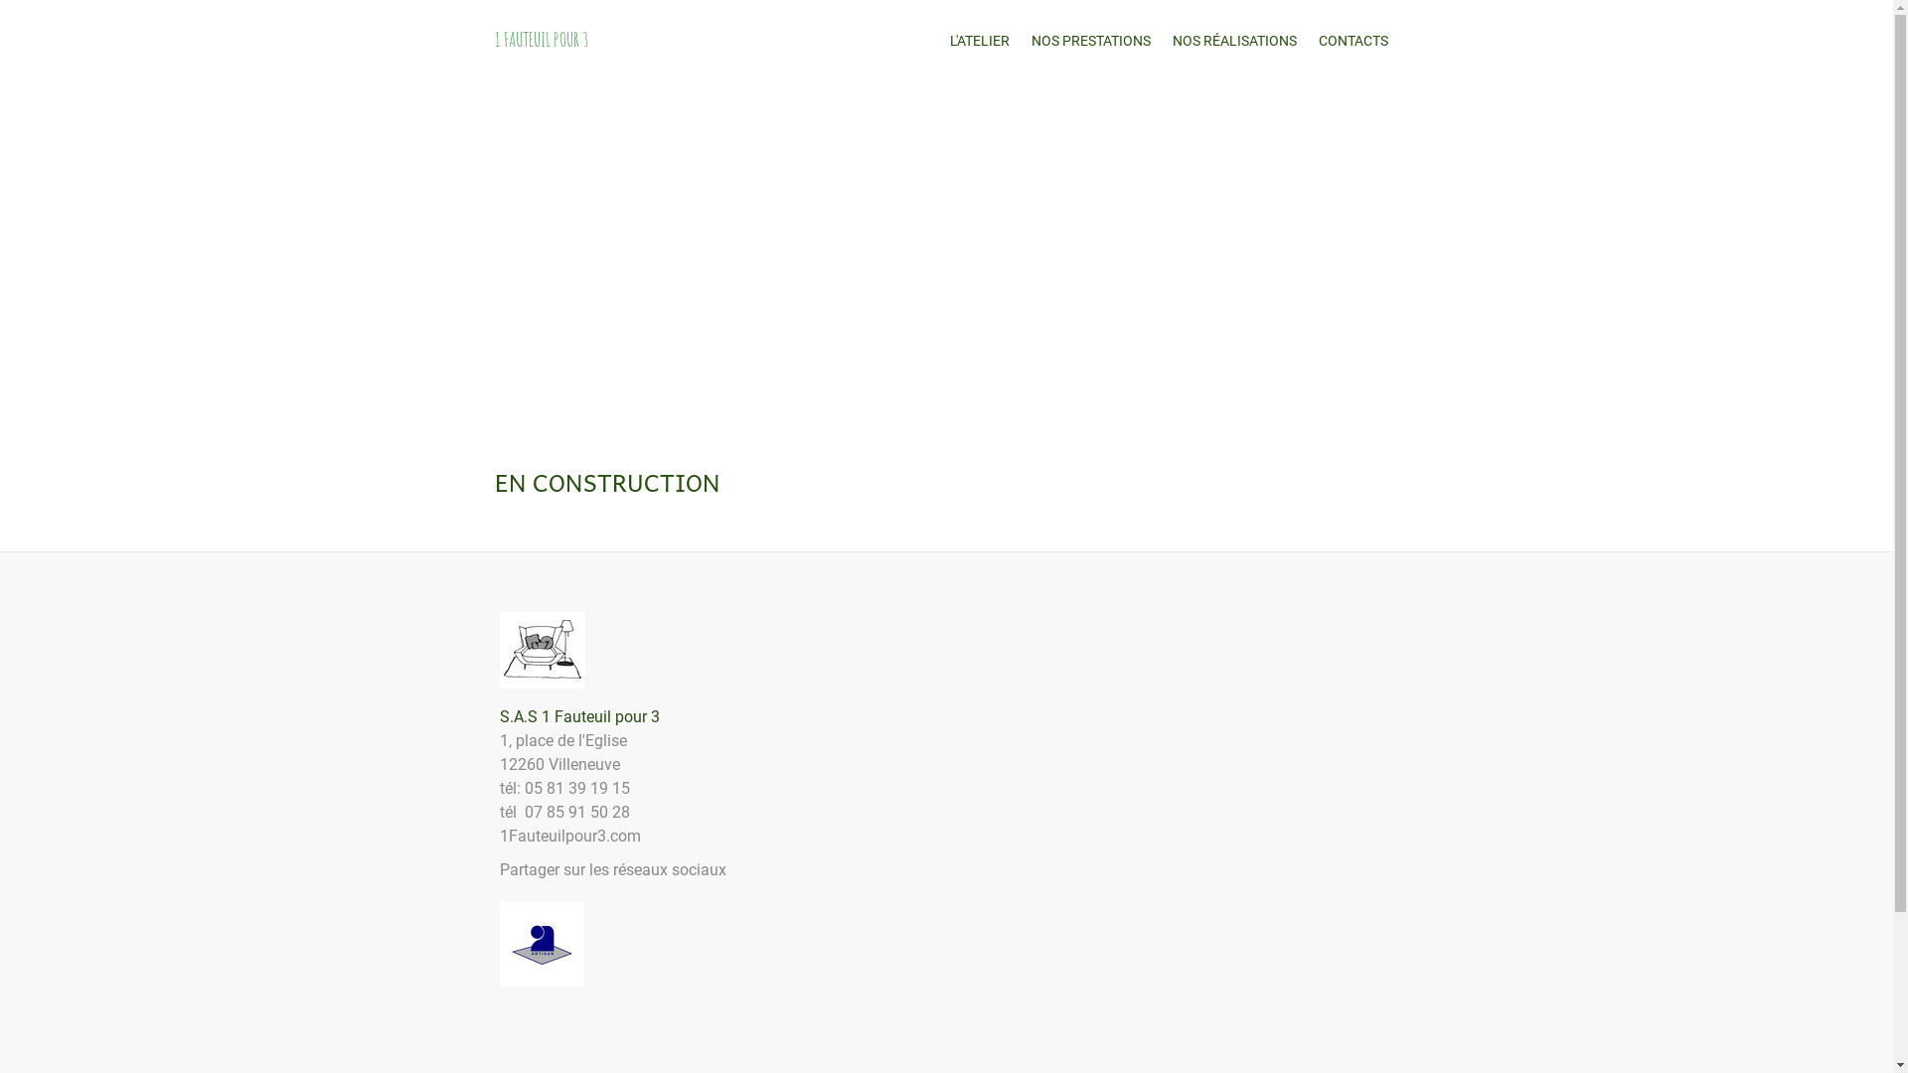  What do you see at coordinates (1089, 41) in the screenshot?
I see `'NOS PRESTATIONS'` at bounding box center [1089, 41].